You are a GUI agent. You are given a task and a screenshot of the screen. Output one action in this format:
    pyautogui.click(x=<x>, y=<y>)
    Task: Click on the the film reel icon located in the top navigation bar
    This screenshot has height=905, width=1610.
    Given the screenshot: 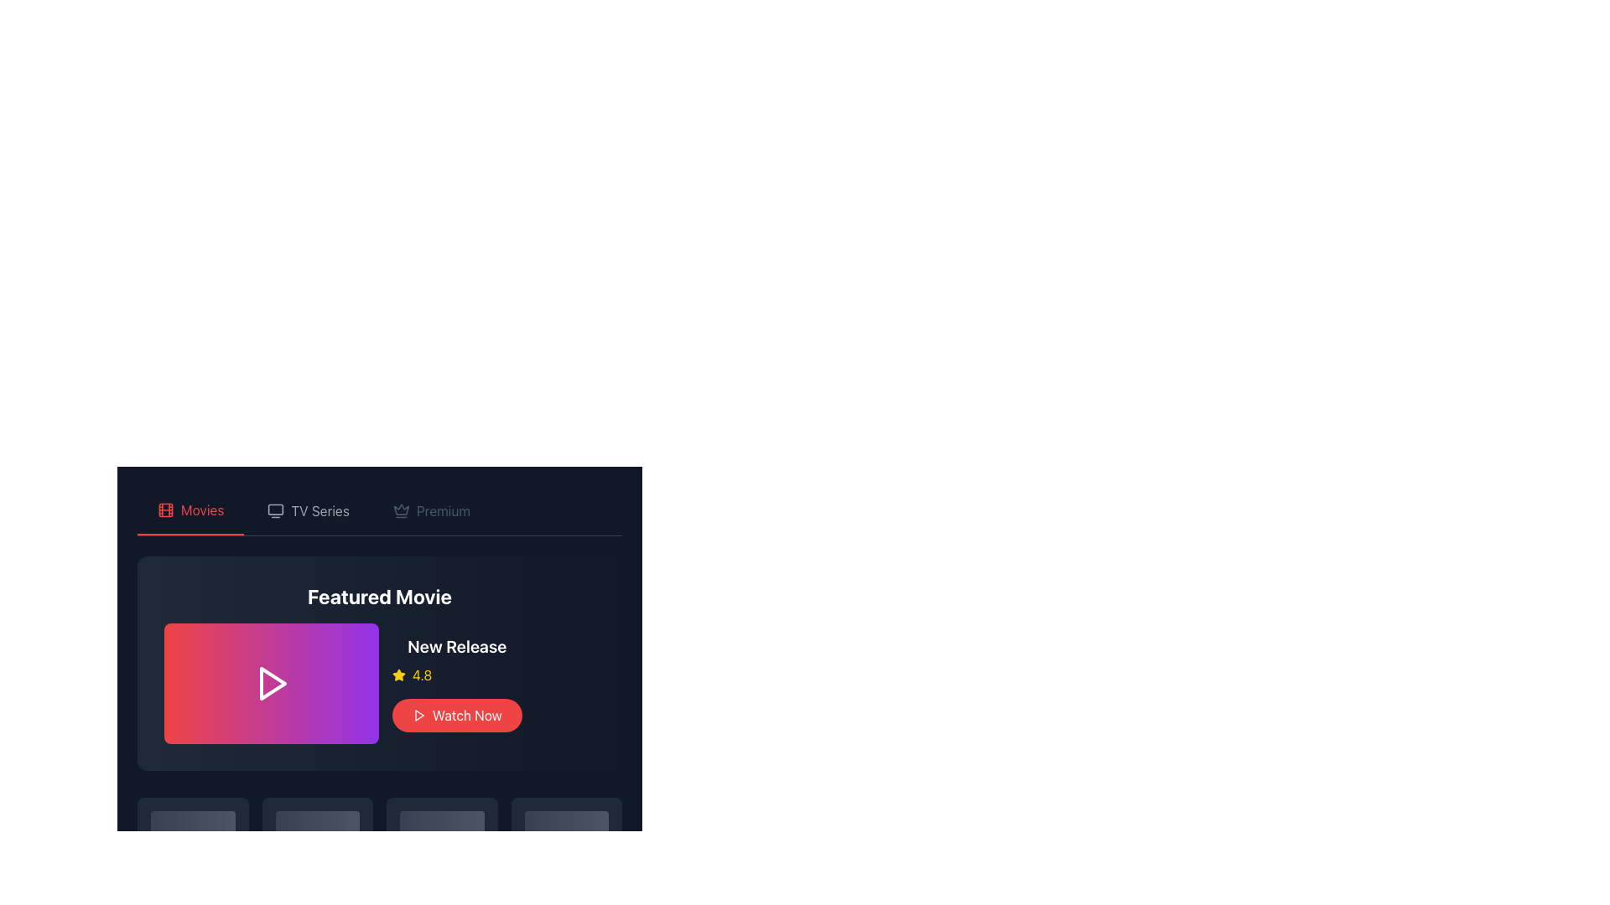 What is the action you would take?
    pyautogui.click(x=165, y=509)
    